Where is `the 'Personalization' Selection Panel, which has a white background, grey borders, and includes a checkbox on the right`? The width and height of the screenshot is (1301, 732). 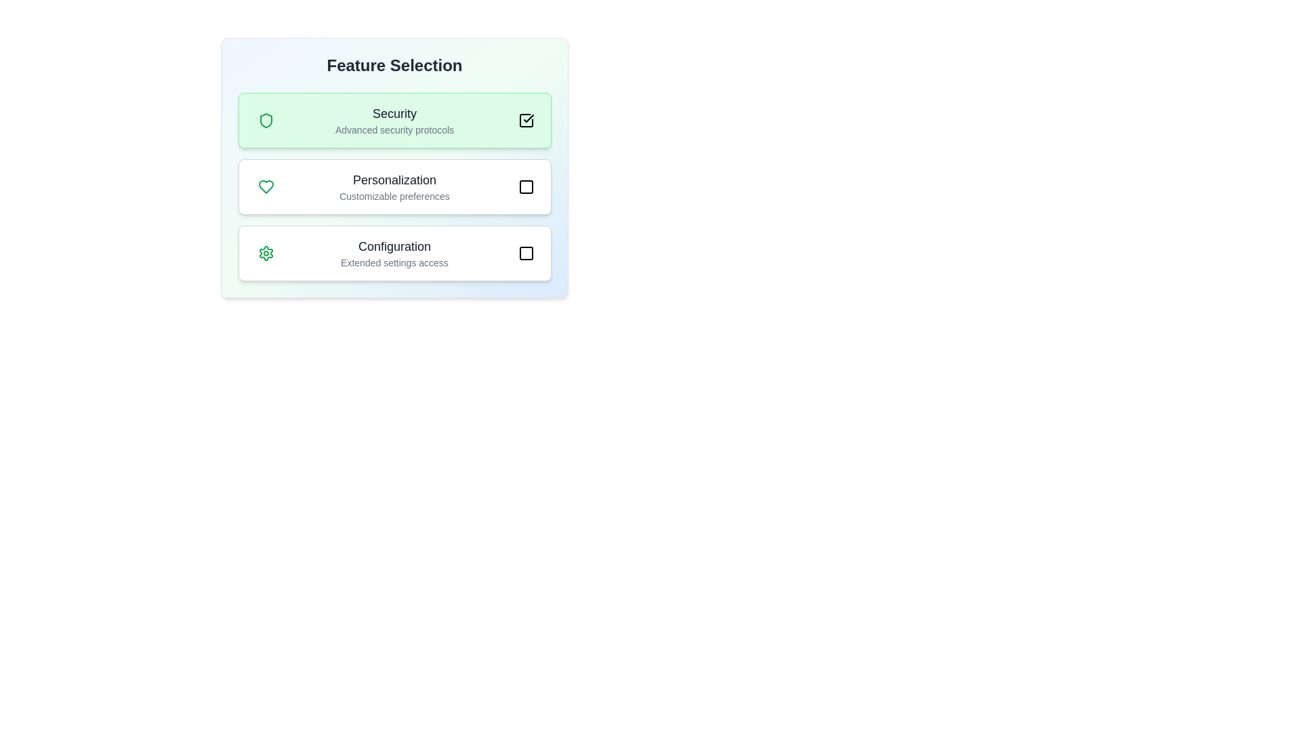
the 'Personalization' Selection Panel, which has a white background, grey borders, and includes a checkbox on the right is located at coordinates (394, 187).